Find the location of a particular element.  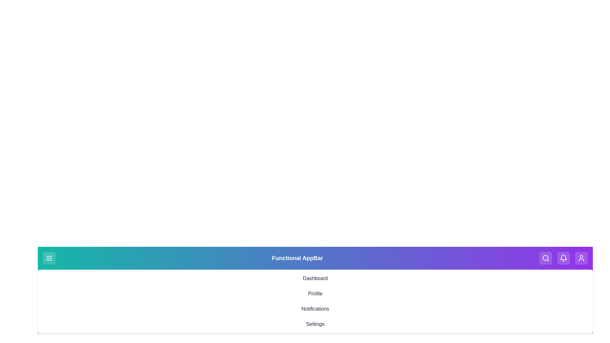

the navigation option Profile is located at coordinates (315, 294).